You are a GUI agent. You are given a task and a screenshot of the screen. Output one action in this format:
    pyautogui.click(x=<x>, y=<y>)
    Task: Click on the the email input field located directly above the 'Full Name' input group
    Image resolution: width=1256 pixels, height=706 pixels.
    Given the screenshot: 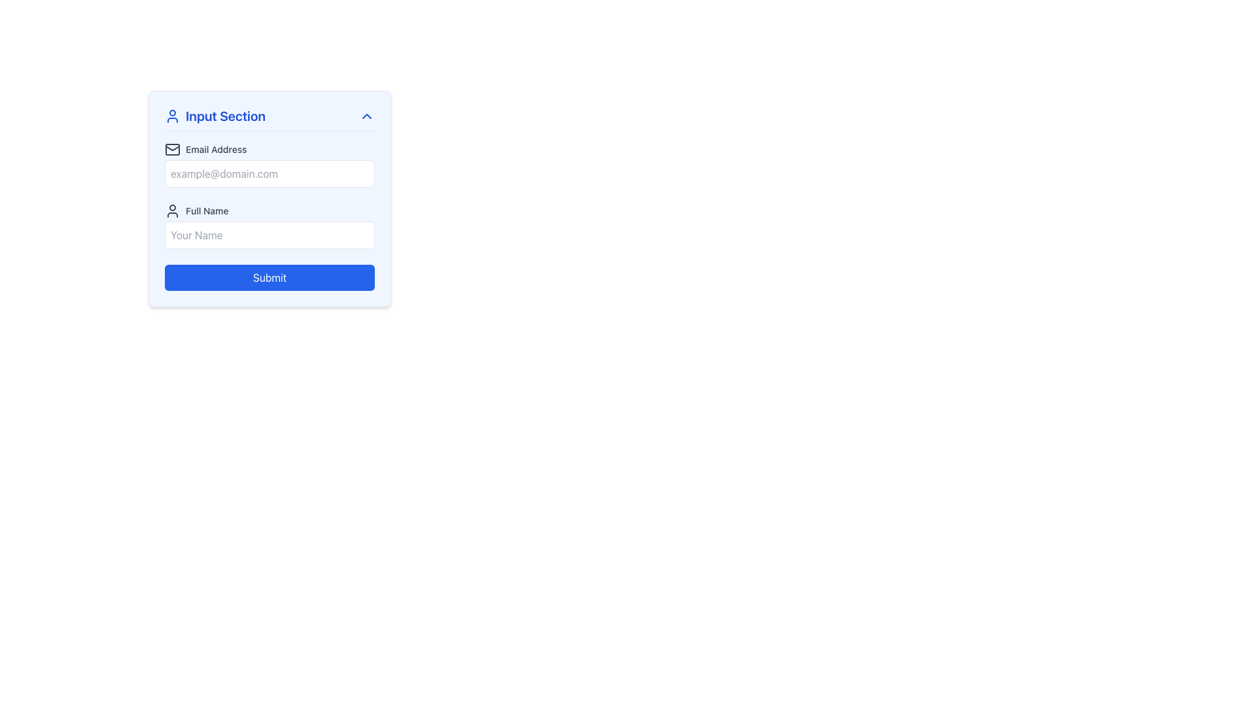 What is the action you would take?
    pyautogui.click(x=269, y=163)
    